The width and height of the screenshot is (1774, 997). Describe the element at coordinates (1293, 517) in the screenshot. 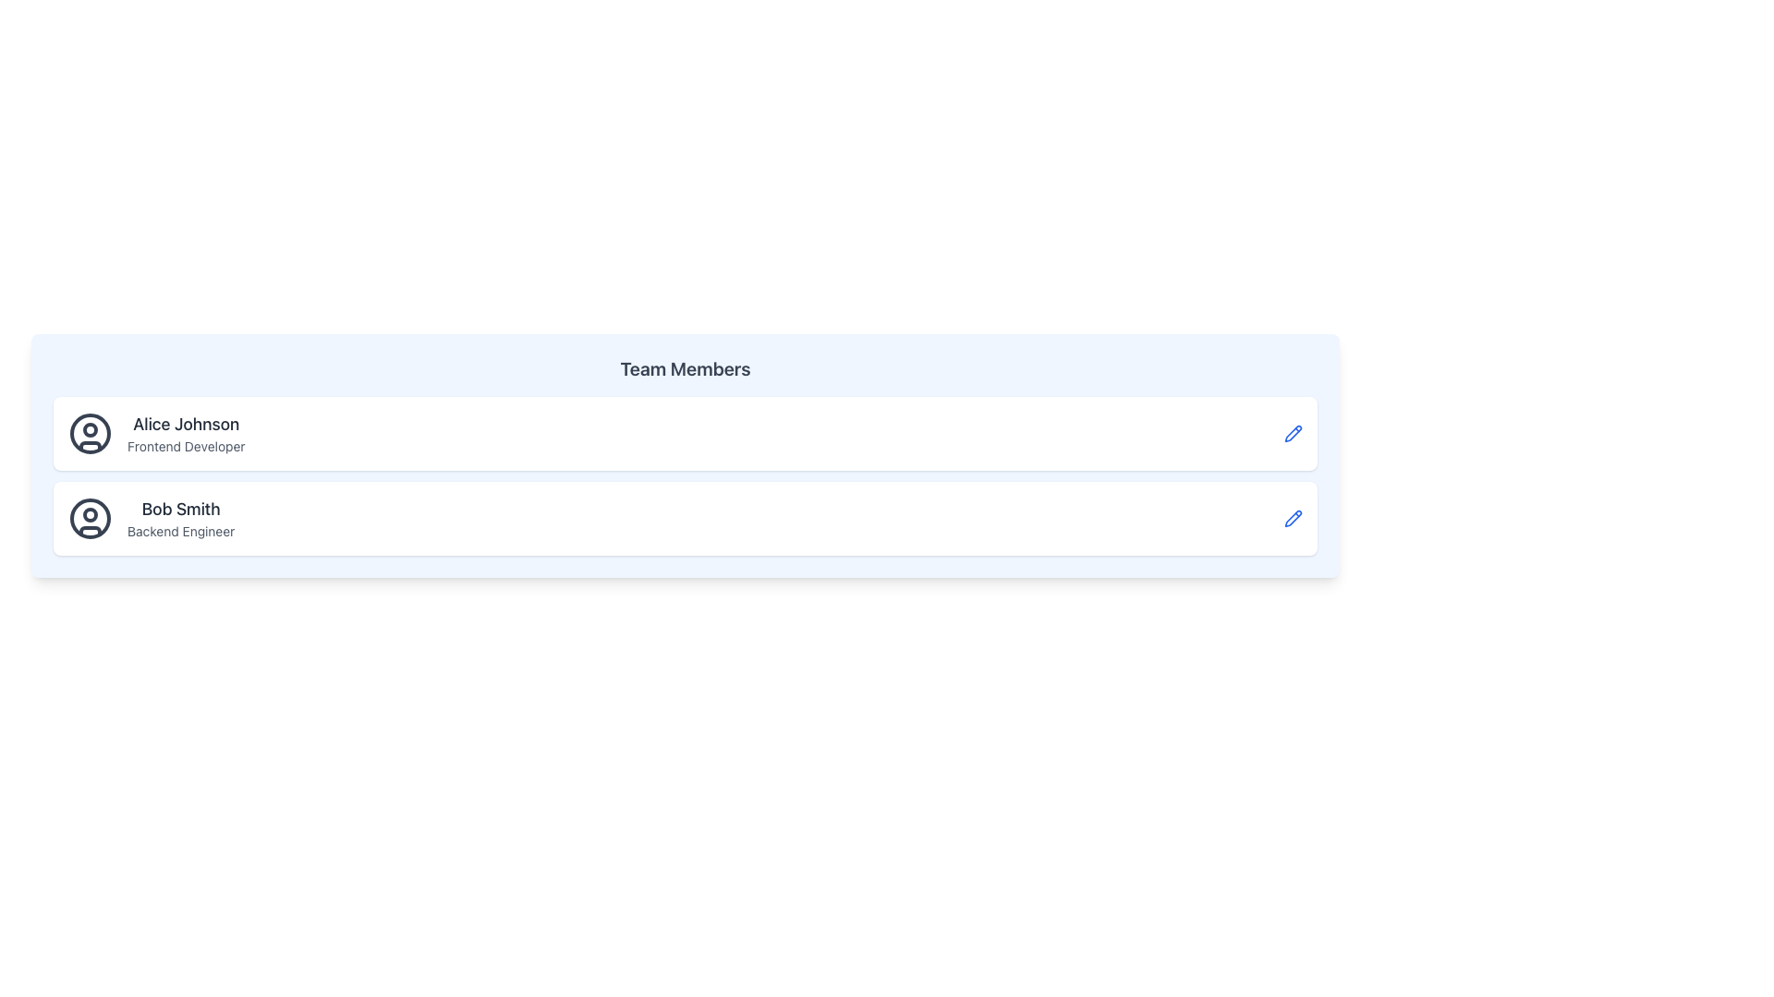

I see `the edit icon associated with 'Alice Johnson - Frontend Developer'` at that location.